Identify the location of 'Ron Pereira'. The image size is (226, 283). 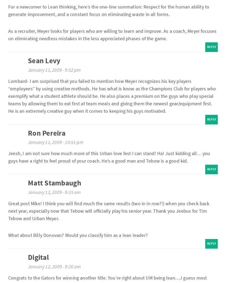
(46, 133).